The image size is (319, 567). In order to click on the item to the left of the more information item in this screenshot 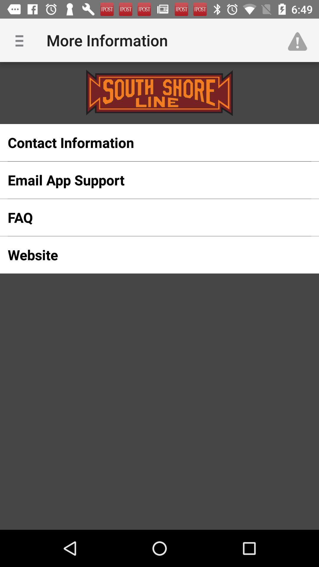, I will do `click(21, 40)`.